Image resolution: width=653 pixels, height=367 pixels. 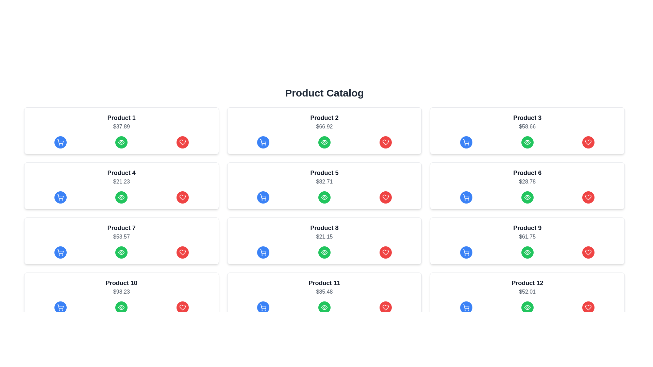 I want to click on the action button that adds the associated product to the shopping cart to change its background color, so click(x=263, y=142).